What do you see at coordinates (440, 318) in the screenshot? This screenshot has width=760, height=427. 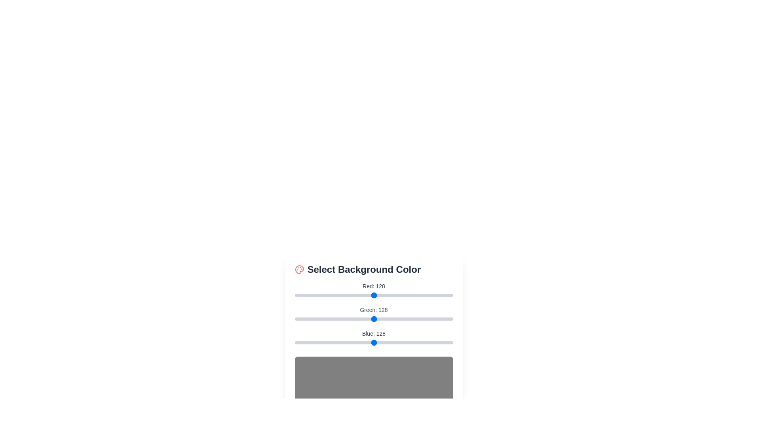 I see `the green color slider to set the green component to 235` at bounding box center [440, 318].